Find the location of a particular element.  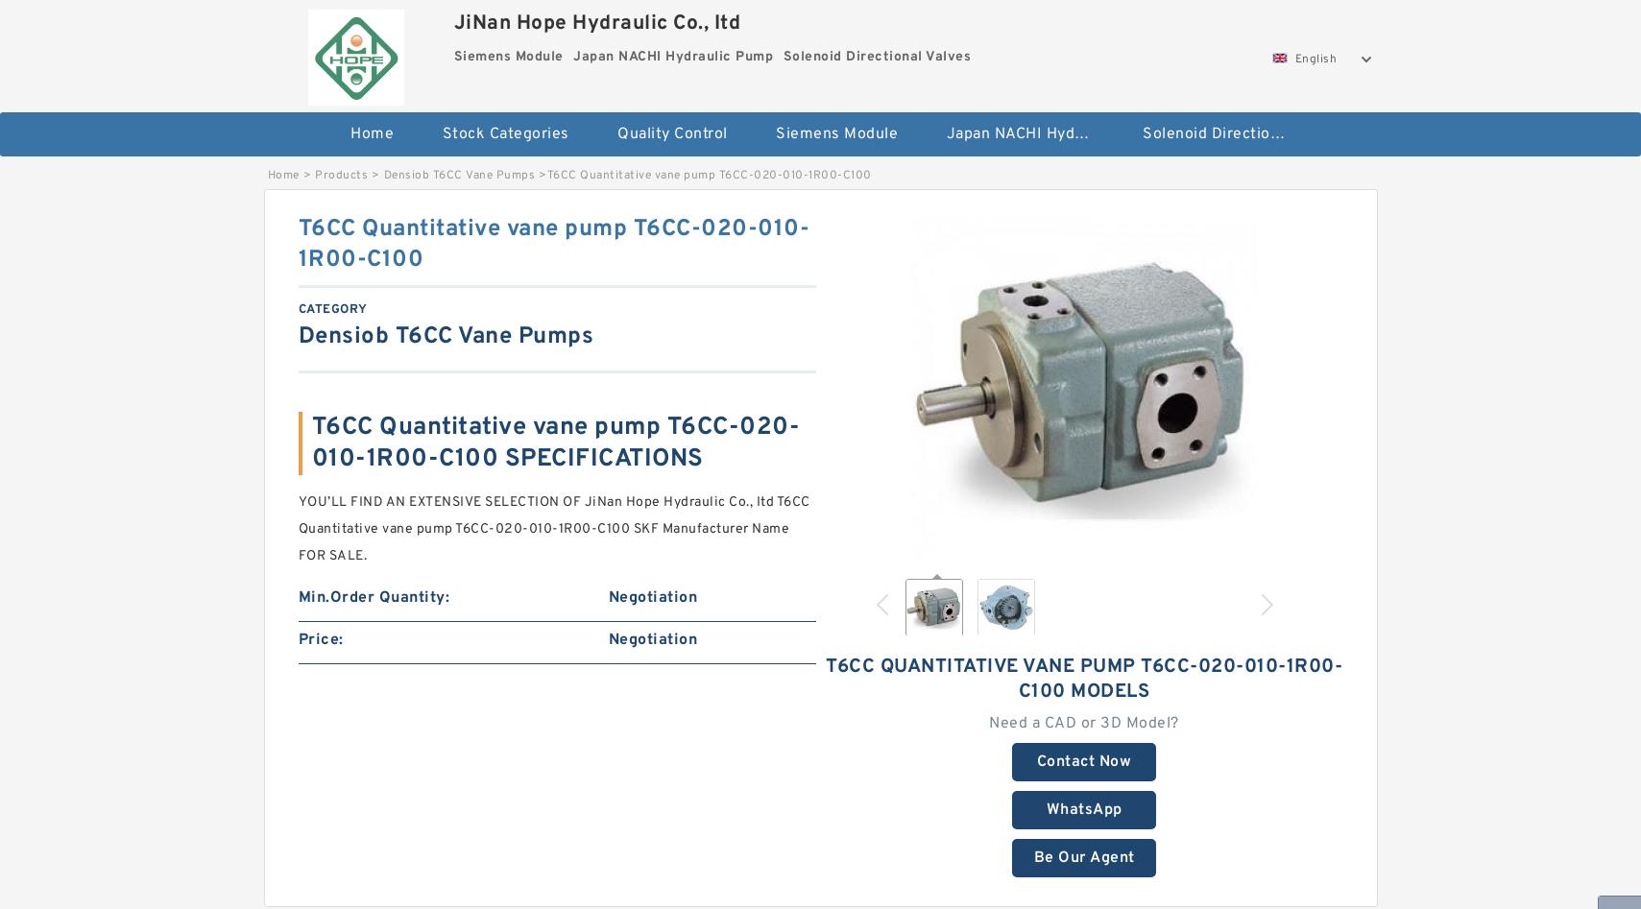

'Need a CAD or 3D Model?' is located at coordinates (989, 723).